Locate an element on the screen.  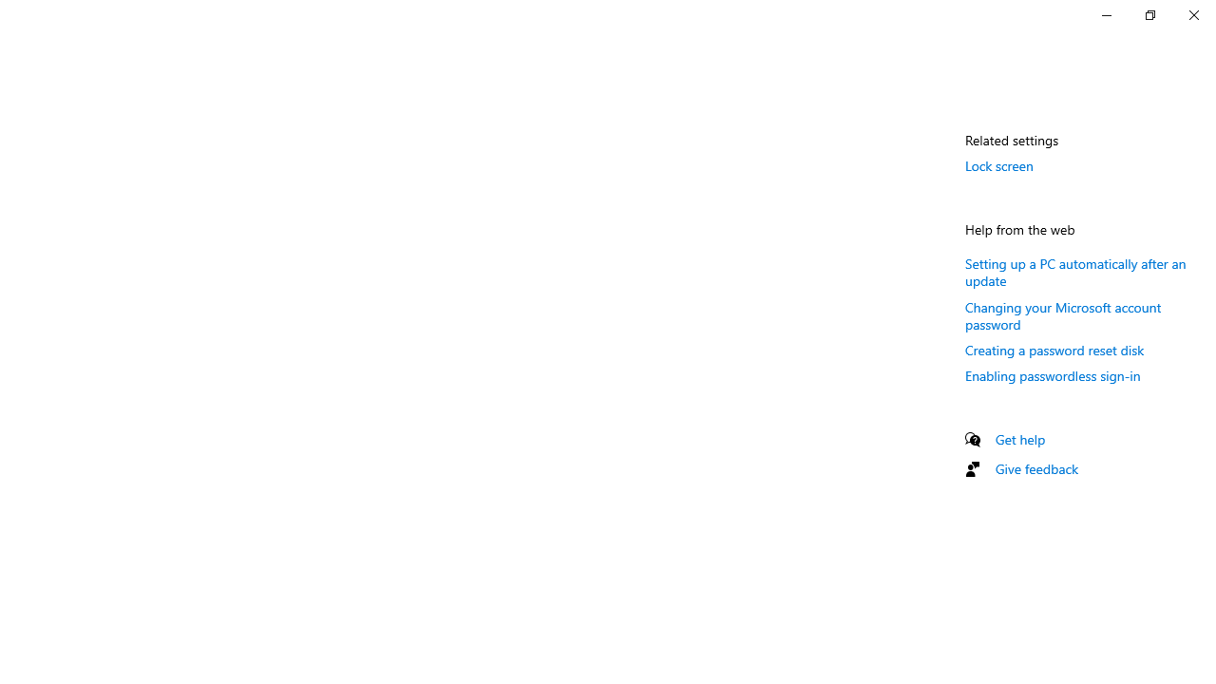
'Close Settings' is located at coordinates (1192, 14).